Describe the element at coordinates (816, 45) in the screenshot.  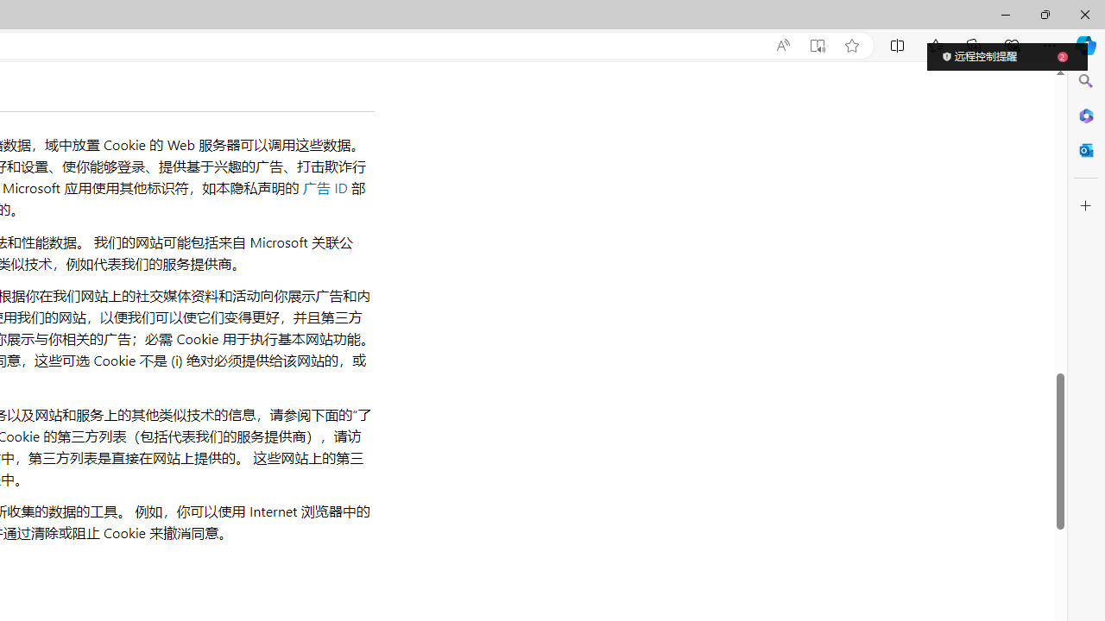
I see `'Enter Immersive Reader (F9)'` at that location.